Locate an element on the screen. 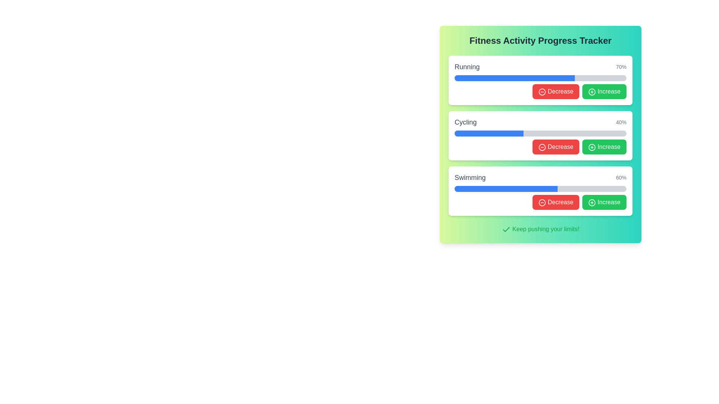 This screenshot has height=404, width=719. the circular icon with a thin border located centrally within the interactive red button labeled 'Decrease' in the 'Cycling' progress card is located at coordinates (542, 147).